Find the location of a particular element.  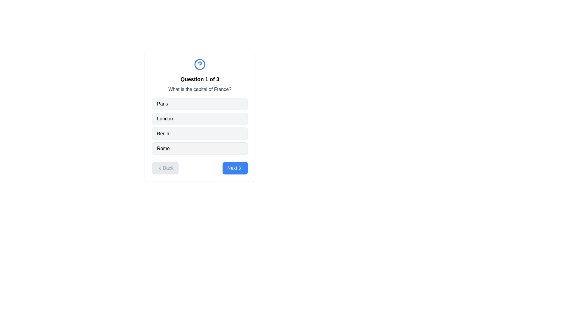

the blue circular help icon with a question mark symbol at its center is located at coordinates (200, 64).